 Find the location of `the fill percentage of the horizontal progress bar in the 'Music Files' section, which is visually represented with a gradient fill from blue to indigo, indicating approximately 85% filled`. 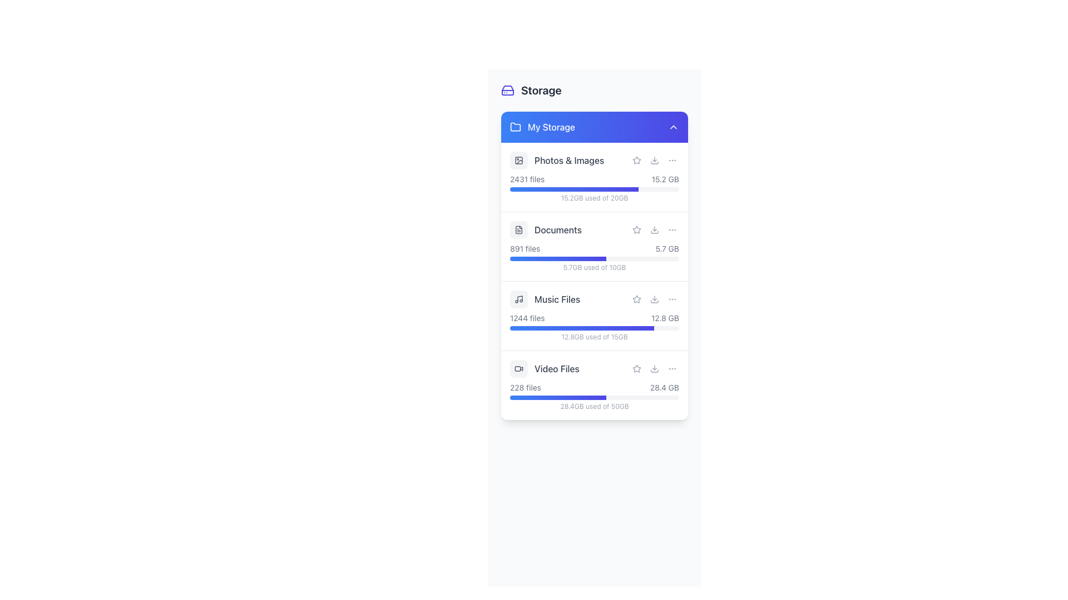

the fill percentage of the horizontal progress bar in the 'Music Files' section, which is visually represented with a gradient fill from blue to indigo, indicating approximately 85% filled is located at coordinates (594, 327).